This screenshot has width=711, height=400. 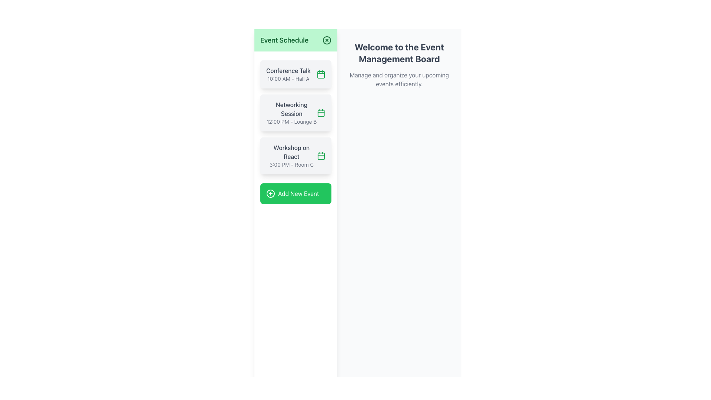 What do you see at coordinates (321, 74) in the screenshot?
I see `the decorative UI component with rounded corners and a green accent, which is part of the calendar icon next to the 'Conference Talk' event in the schedule list` at bounding box center [321, 74].